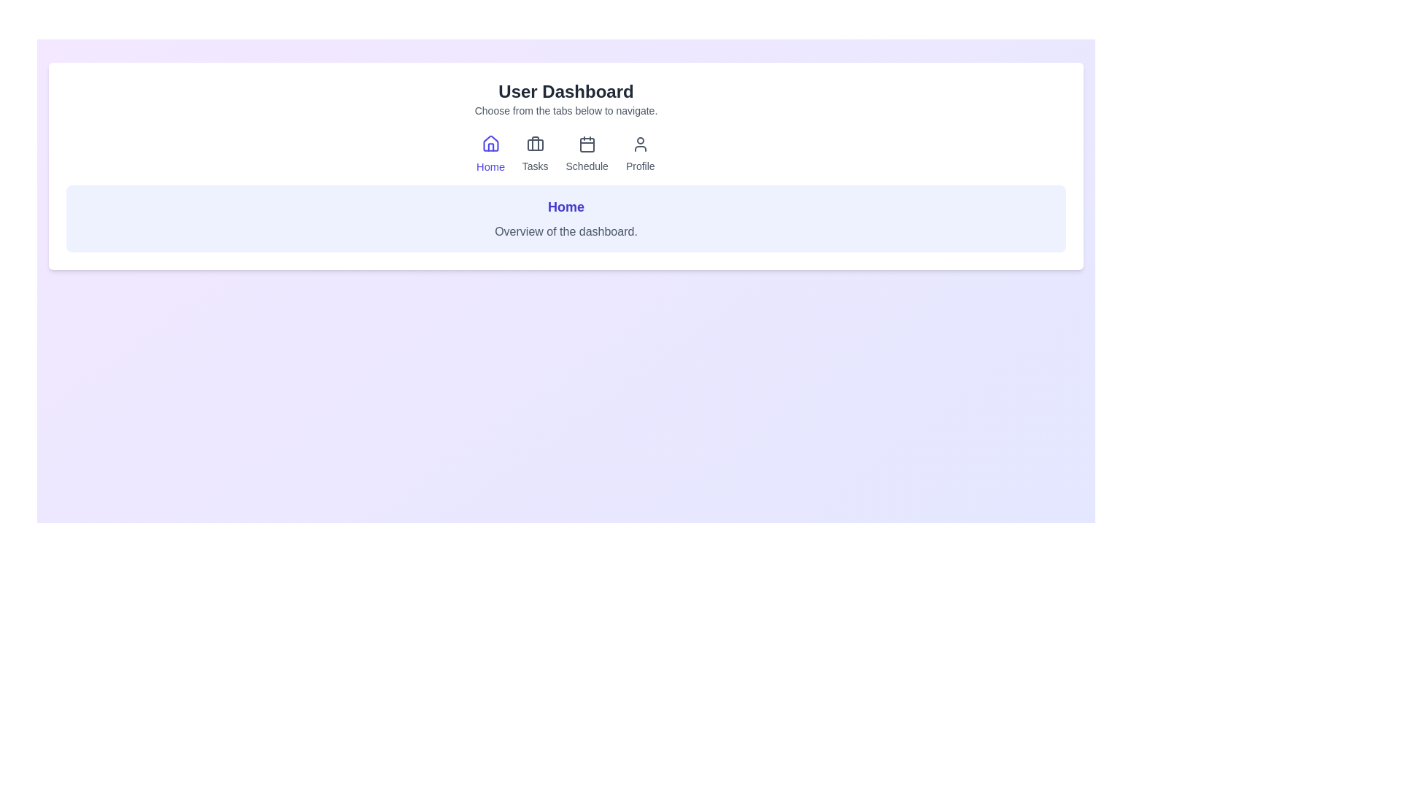 The width and height of the screenshot is (1401, 788). What do you see at coordinates (534, 145) in the screenshot?
I see `rectangular SVG component with curved corners located within the second icon from the left in the toolbar, positioned between the home icon and calendar icon, for design purposes` at bounding box center [534, 145].